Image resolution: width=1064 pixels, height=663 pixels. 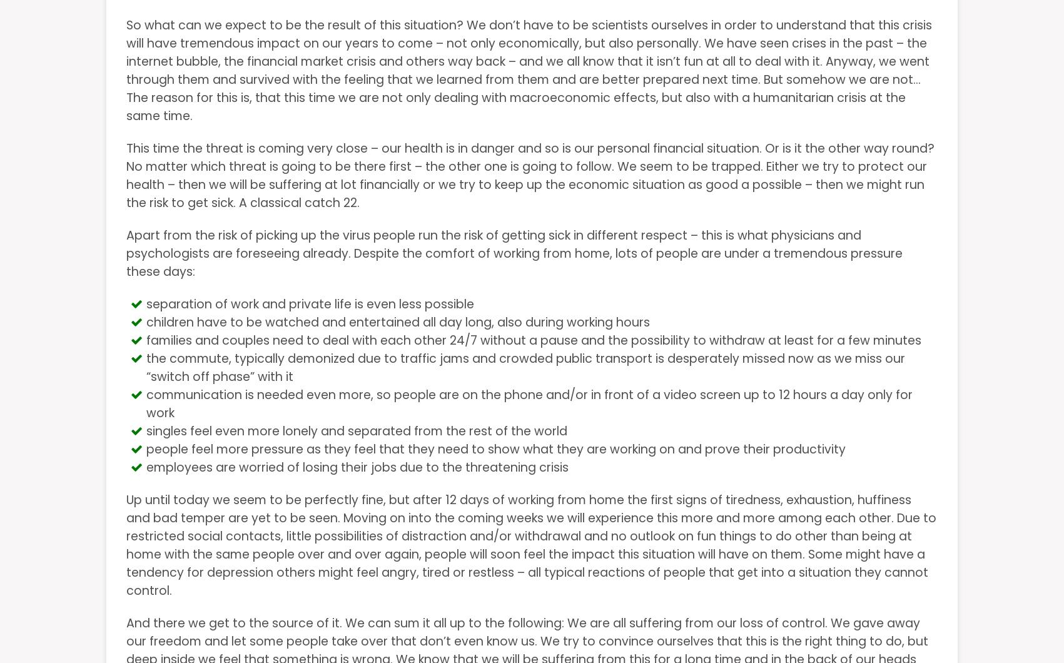 What do you see at coordinates (529, 70) in the screenshot?
I see `'So what can we expect to be the result of this situation? We don’t have to be scientists ourselves in order to understand that this crisis will have tremendous impact on our years to come – not only economically, but also personally. We have seen crises in the past – the internet bubble, the financial market crisis and others way back – and we all know that it isn’t fun at all to deal with it. Anyway, we went through them and survived with the feeling that we learned from them and are better prepared next time. But somehow we are not… The reason for this is, that this time we are not only dealing with macroeconomic effects, but also with a humanitarian crisis at the same time.'` at bounding box center [529, 70].